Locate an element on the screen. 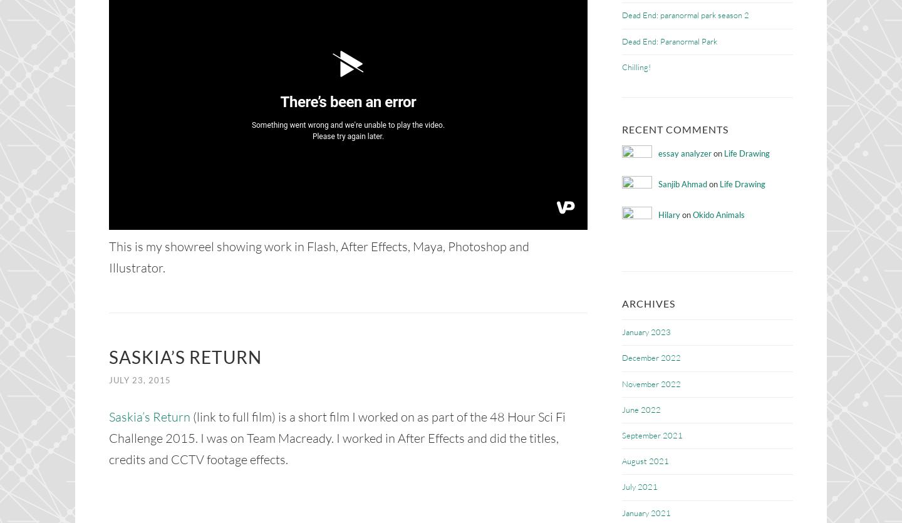 The image size is (902, 523). 'November 2022' is located at coordinates (651, 382).